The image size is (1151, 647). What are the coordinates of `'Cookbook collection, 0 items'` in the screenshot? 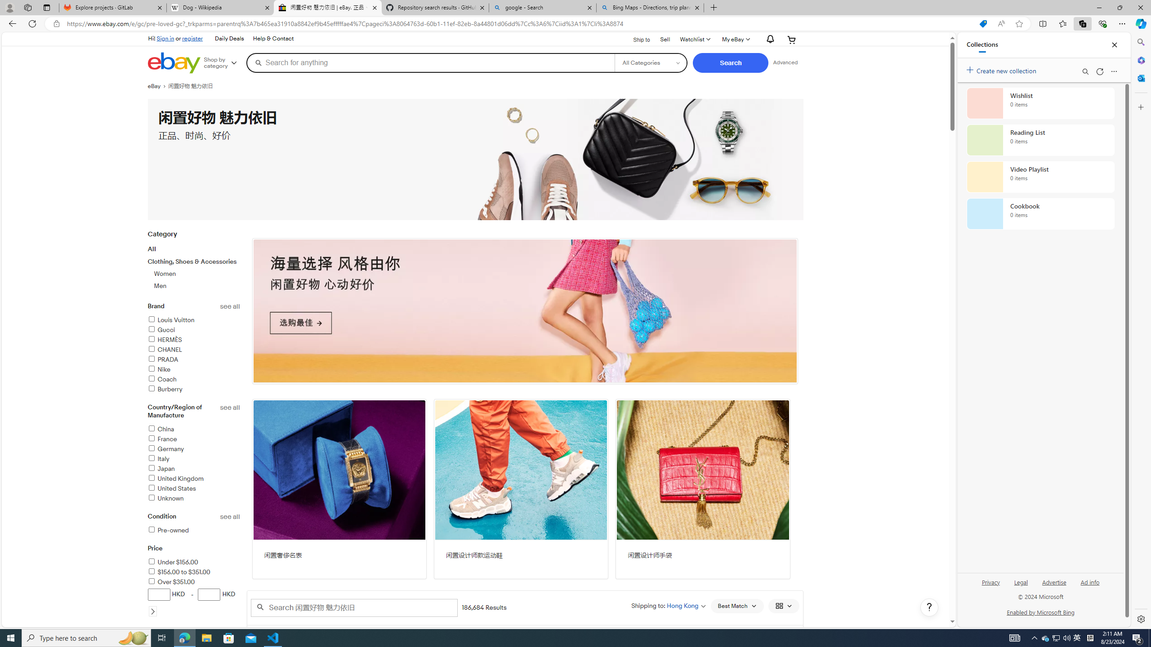 It's located at (1040, 213).